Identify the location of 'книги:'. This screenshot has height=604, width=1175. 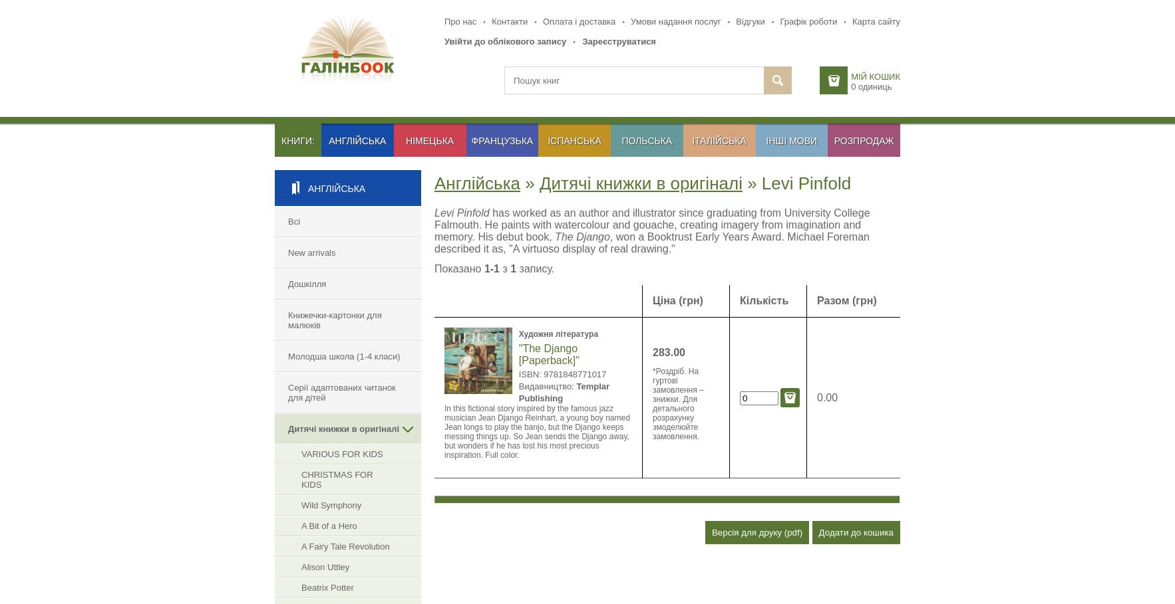
(297, 140).